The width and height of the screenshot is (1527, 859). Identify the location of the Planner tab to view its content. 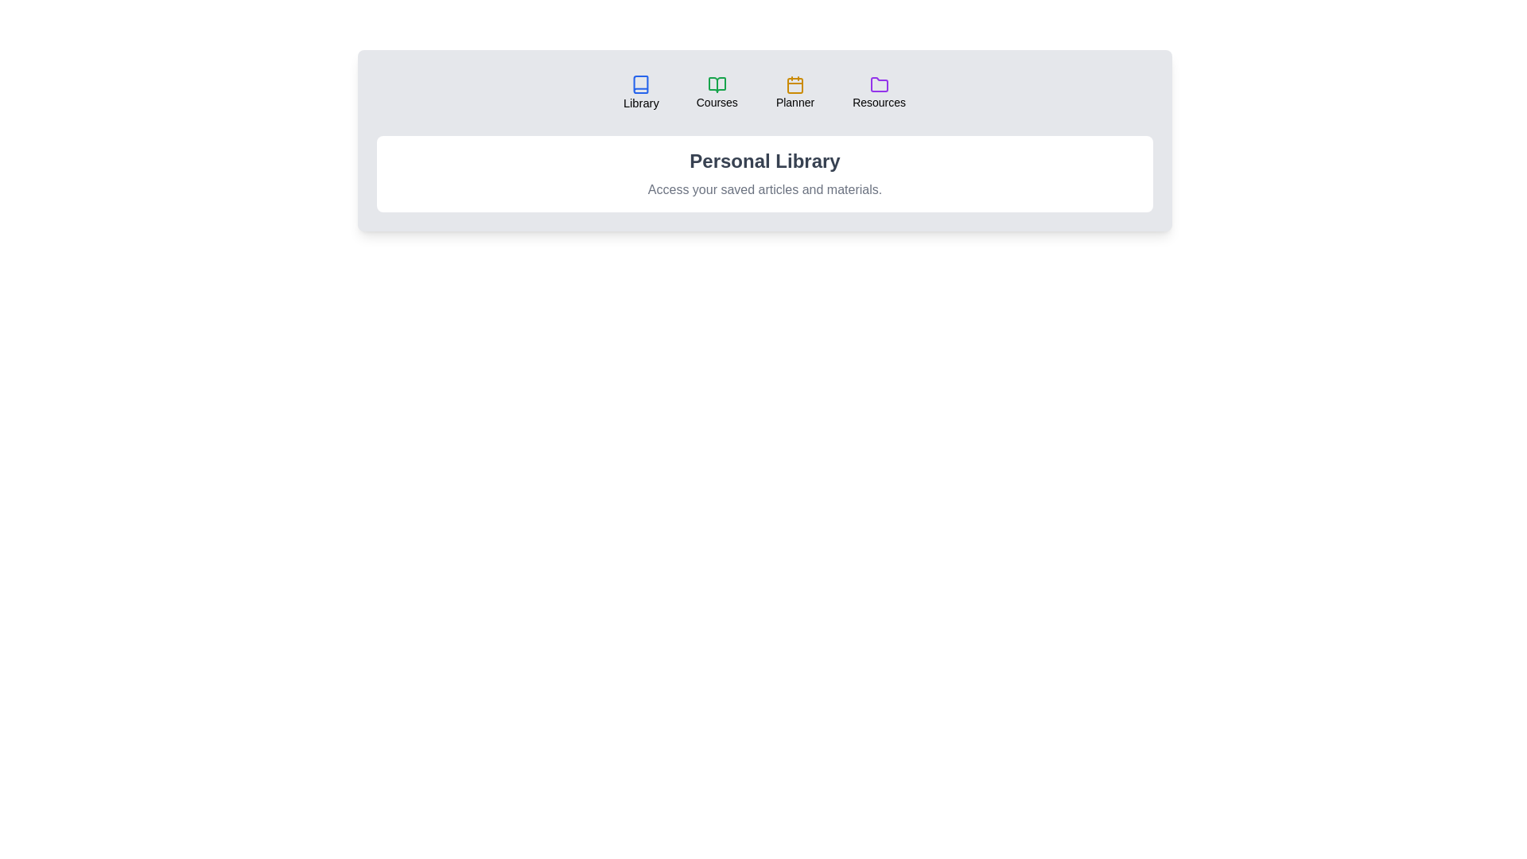
(795, 92).